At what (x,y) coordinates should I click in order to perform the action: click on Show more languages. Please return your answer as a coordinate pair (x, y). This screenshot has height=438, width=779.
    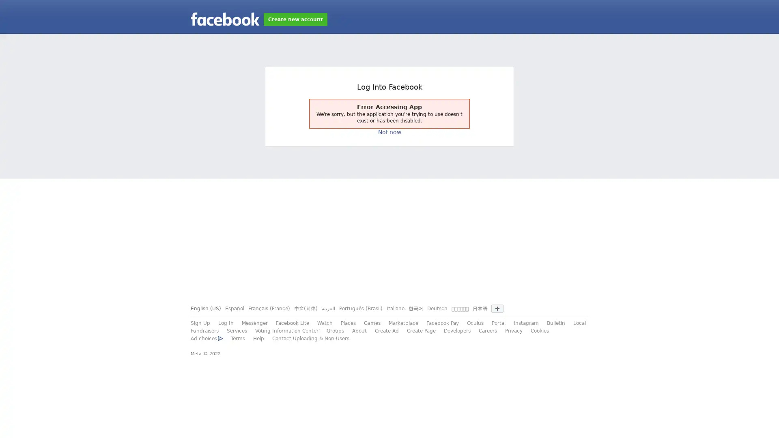
    Looking at the image, I should click on (497, 308).